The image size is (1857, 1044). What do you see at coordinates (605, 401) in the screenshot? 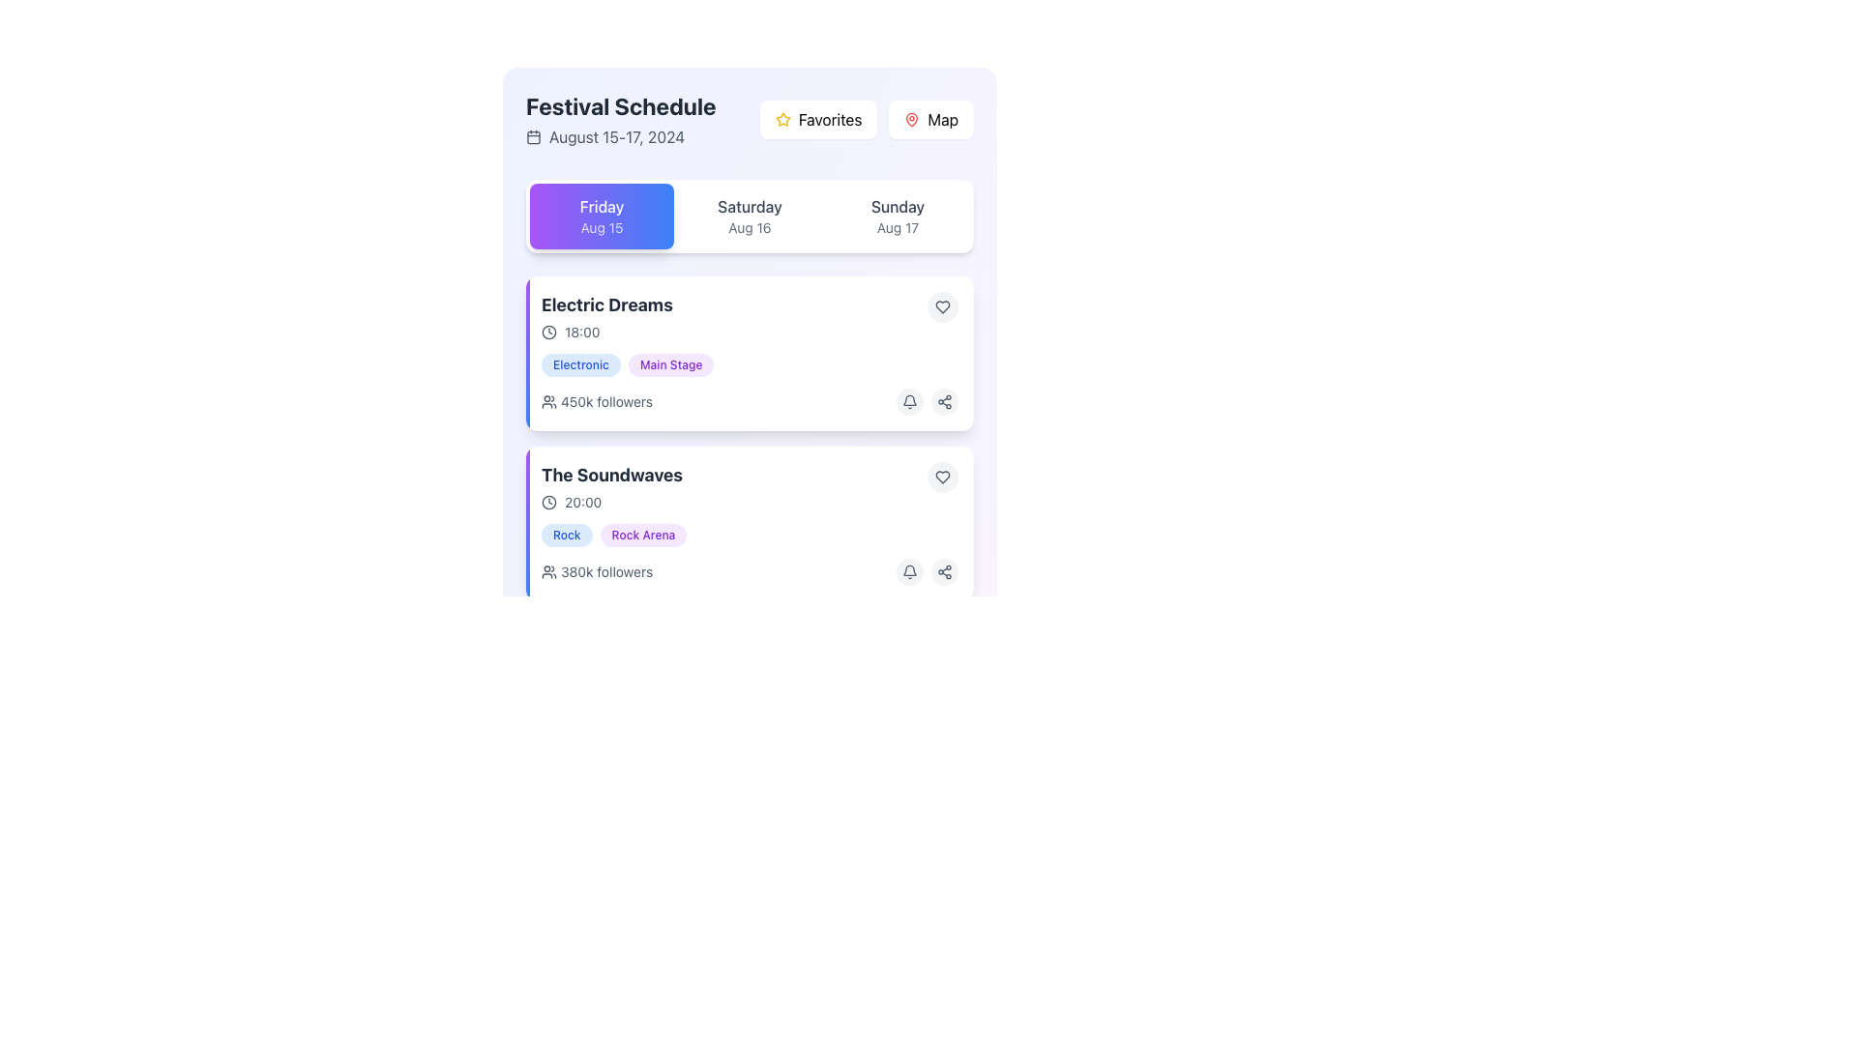
I see `text label displaying '450k followers' which is styled in dark gray and positioned beneath the event's time, genre tags, and location on the left side of the content card for 'Electric Dreams'` at bounding box center [605, 401].